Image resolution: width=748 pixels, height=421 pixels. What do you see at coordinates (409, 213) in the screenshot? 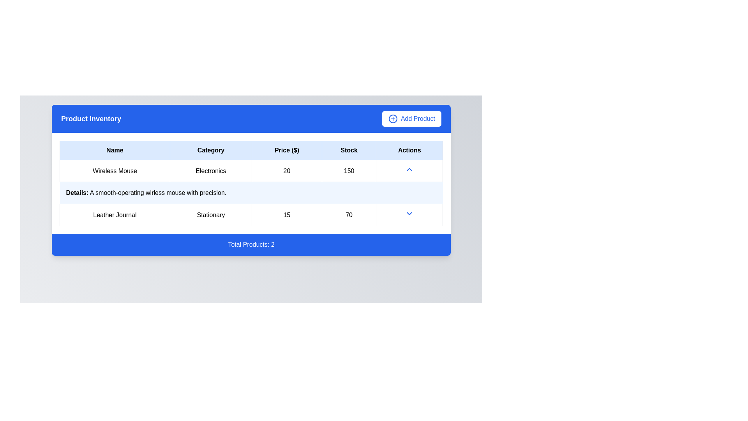
I see `the downward-pointing chevron icon in the 'Actions' column of the second row of the product inventory table` at bounding box center [409, 213].